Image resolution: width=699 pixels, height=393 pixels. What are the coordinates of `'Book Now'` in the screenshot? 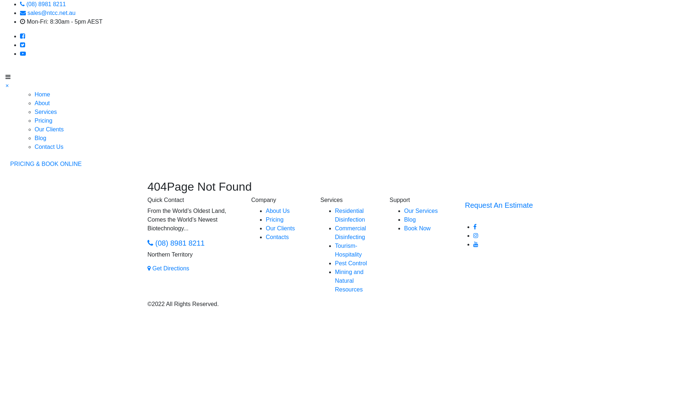 It's located at (417, 228).